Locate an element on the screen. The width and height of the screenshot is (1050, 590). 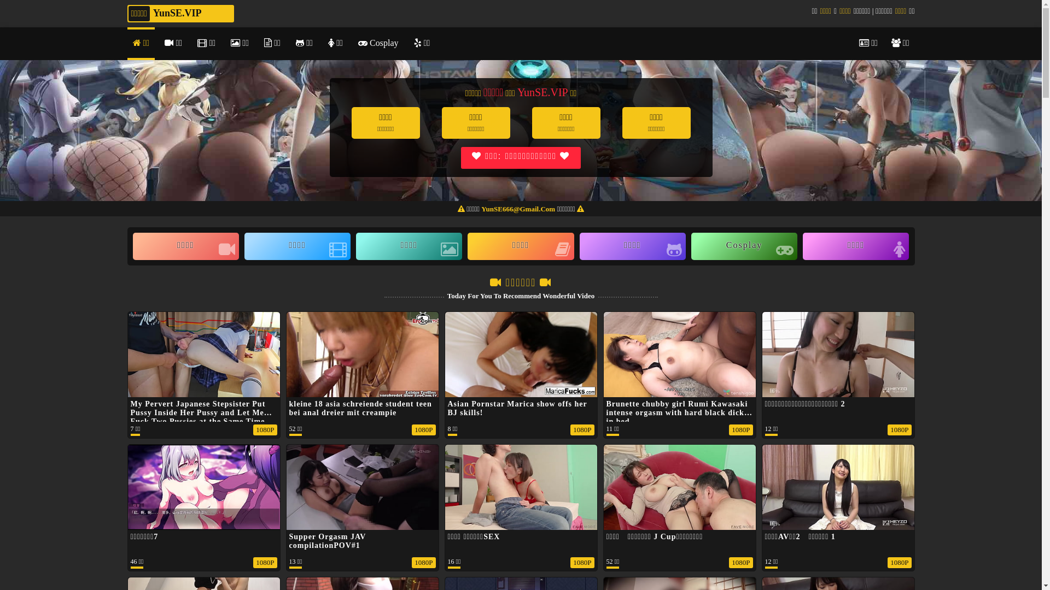
'Supper Orgasm JAV compilationPOV#1' is located at coordinates (326, 541).